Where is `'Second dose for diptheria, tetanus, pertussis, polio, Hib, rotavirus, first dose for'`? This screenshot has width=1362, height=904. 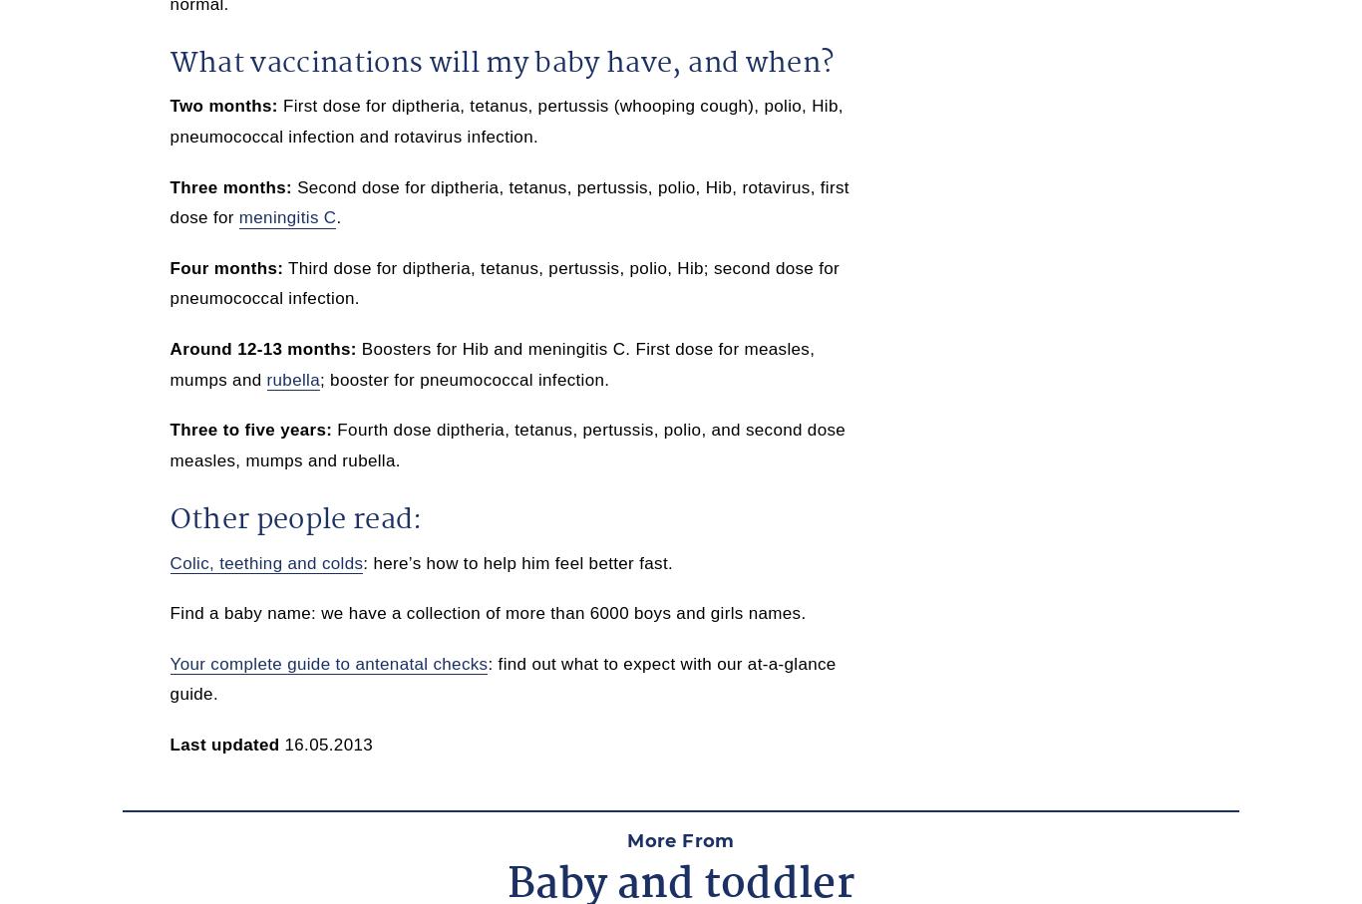 'Second dose for diptheria, tetanus, pertussis, polio, Hib, rotavirus, first dose for' is located at coordinates (169, 200).